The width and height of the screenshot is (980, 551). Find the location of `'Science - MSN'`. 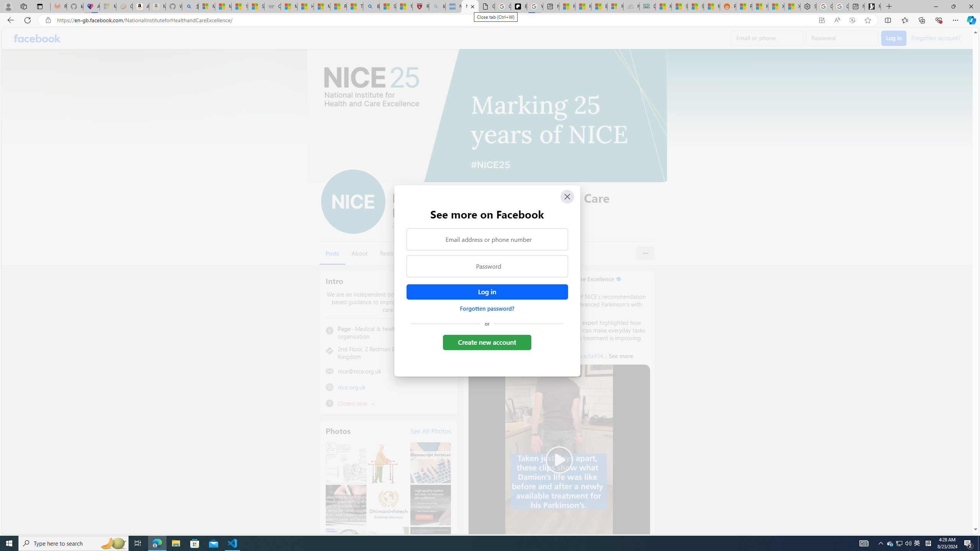

'Science - MSN' is located at coordinates (387, 6).